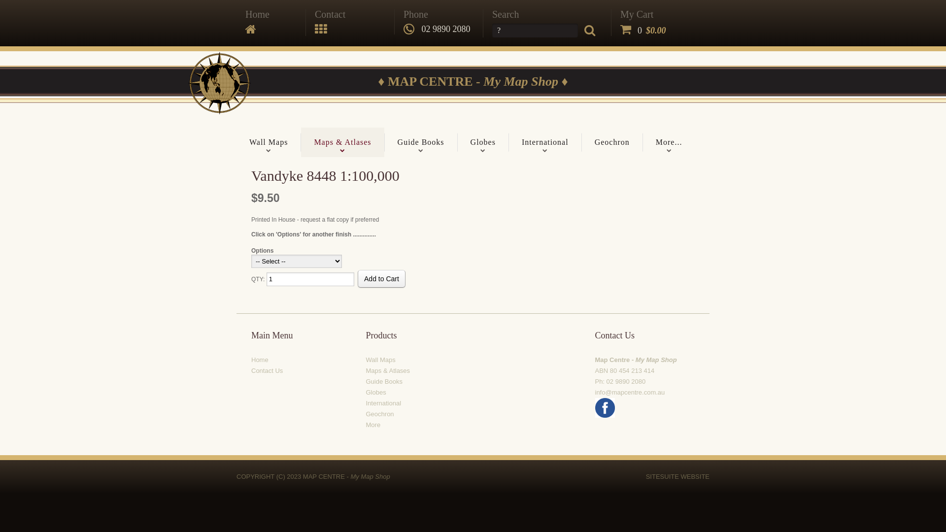  I want to click on 'Globes', so click(483, 142).